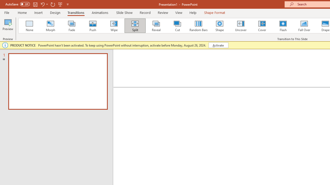 The width and height of the screenshot is (330, 185). What do you see at coordinates (198, 26) in the screenshot?
I see `'Random Bars'` at bounding box center [198, 26].